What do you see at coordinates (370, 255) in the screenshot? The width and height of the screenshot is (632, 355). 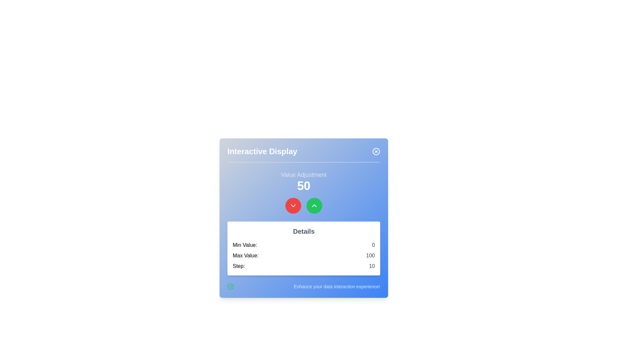 I see `the non-interactive informational display showing the maximum value, which is located below the central numeric display and adjustment controls, specifically the text 'Max Value: 100'` at bounding box center [370, 255].